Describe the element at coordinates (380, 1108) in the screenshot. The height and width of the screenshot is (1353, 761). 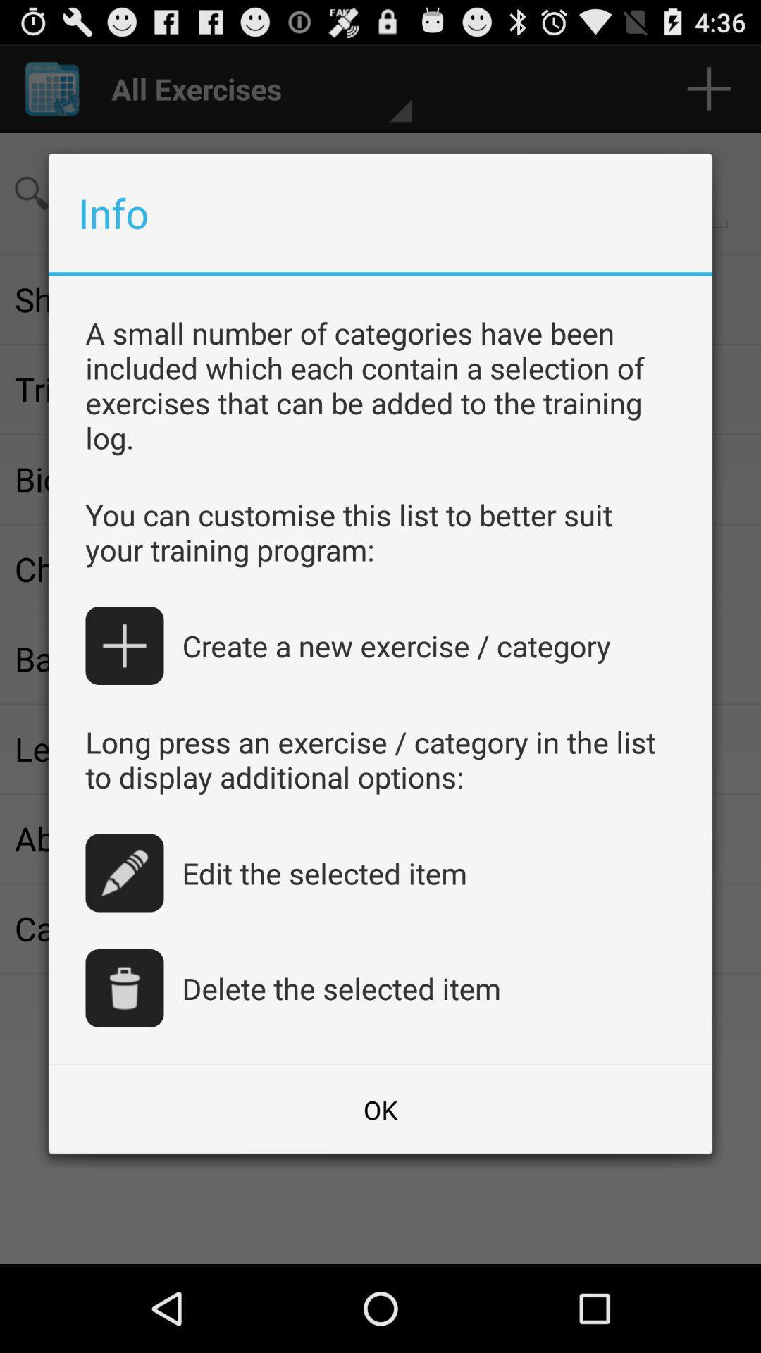
I see `ok` at that location.